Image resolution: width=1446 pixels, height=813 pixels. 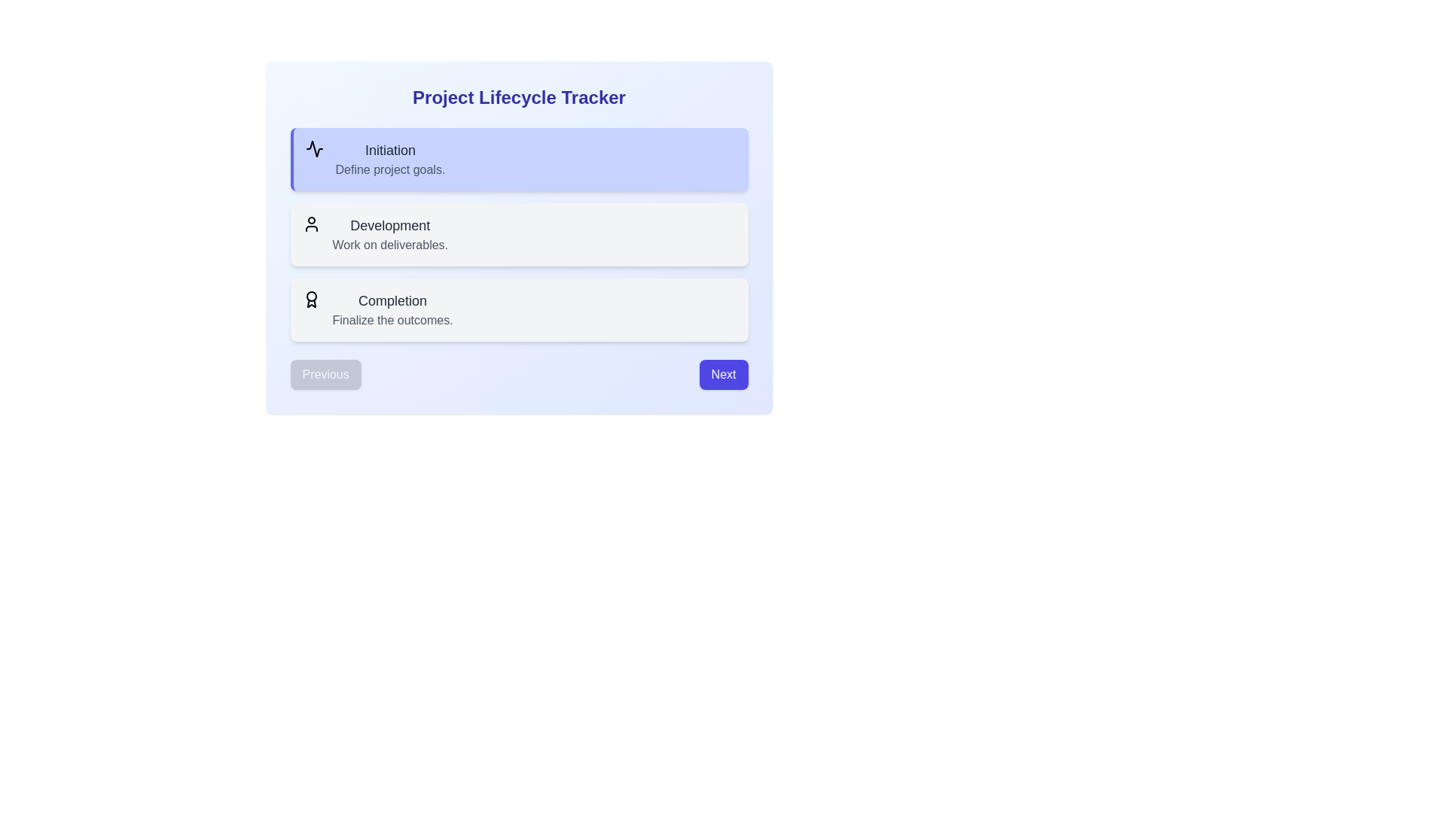 What do you see at coordinates (313, 148) in the screenshot?
I see `the activity or pulse icon located at the top-left corner within the 'Initiation' card in the 'Project Lifecycle Tracker' interface` at bounding box center [313, 148].